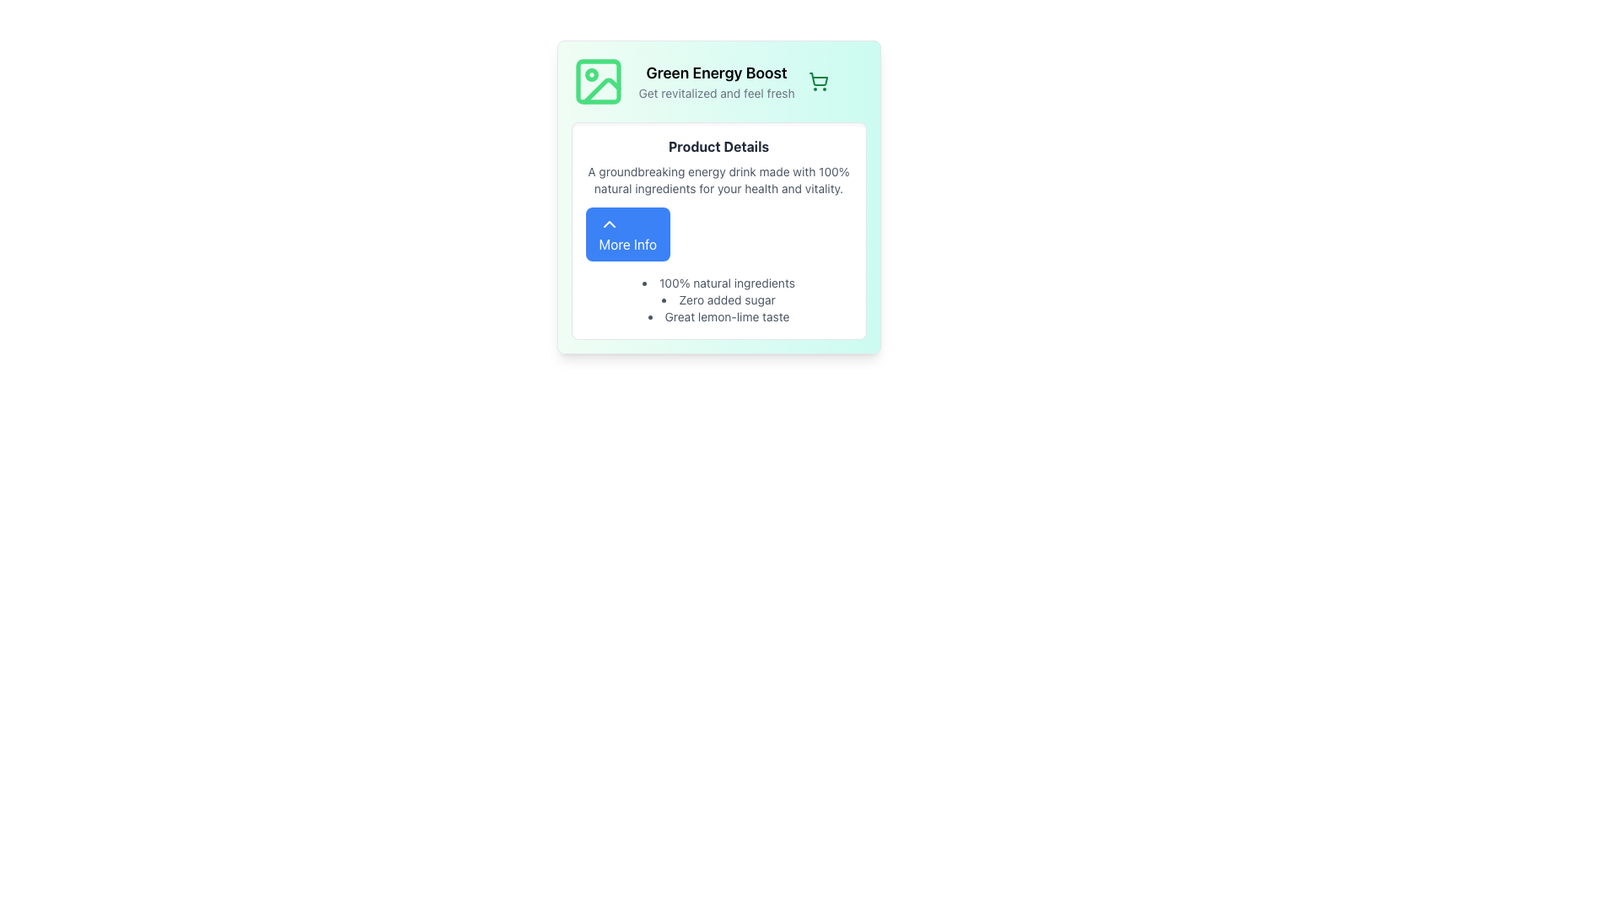 This screenshot has width=1619, height=911. Describe the element at coordinates (716, 73) in the screenshot. I see `title text 'Green Energy Boost' positioned at the top of the card component, centered horizontally above the subtitle` at that location.